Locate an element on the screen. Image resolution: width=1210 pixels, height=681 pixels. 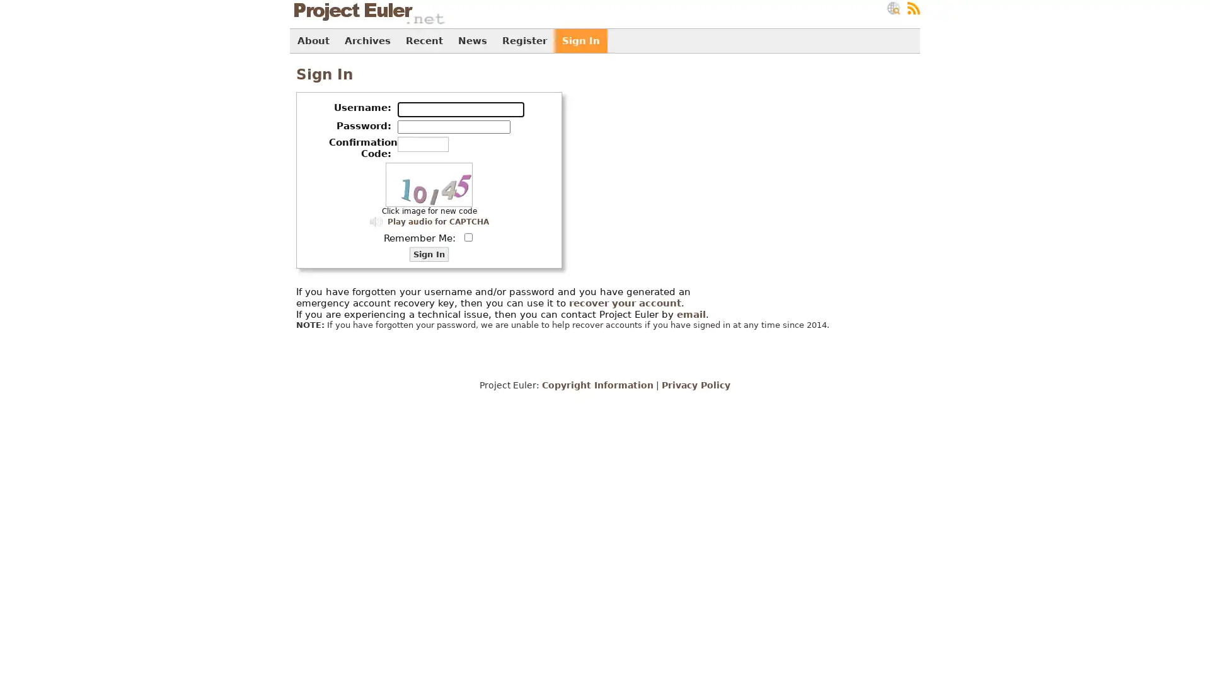
email is located at coordinates (691, 313).